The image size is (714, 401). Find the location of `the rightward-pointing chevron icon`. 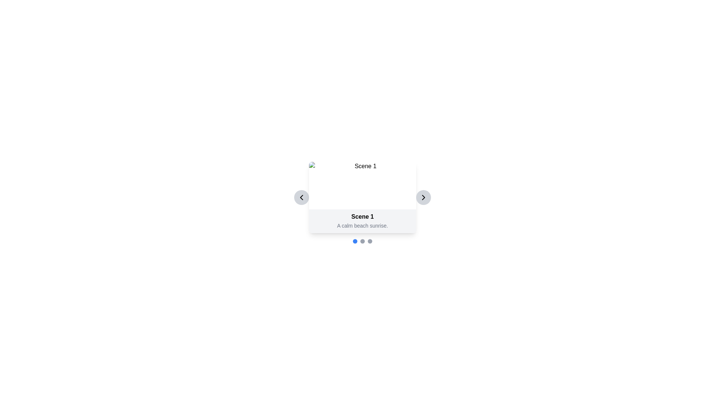

the rightward-pointing chevron icon is located at coordinates (423, 197).